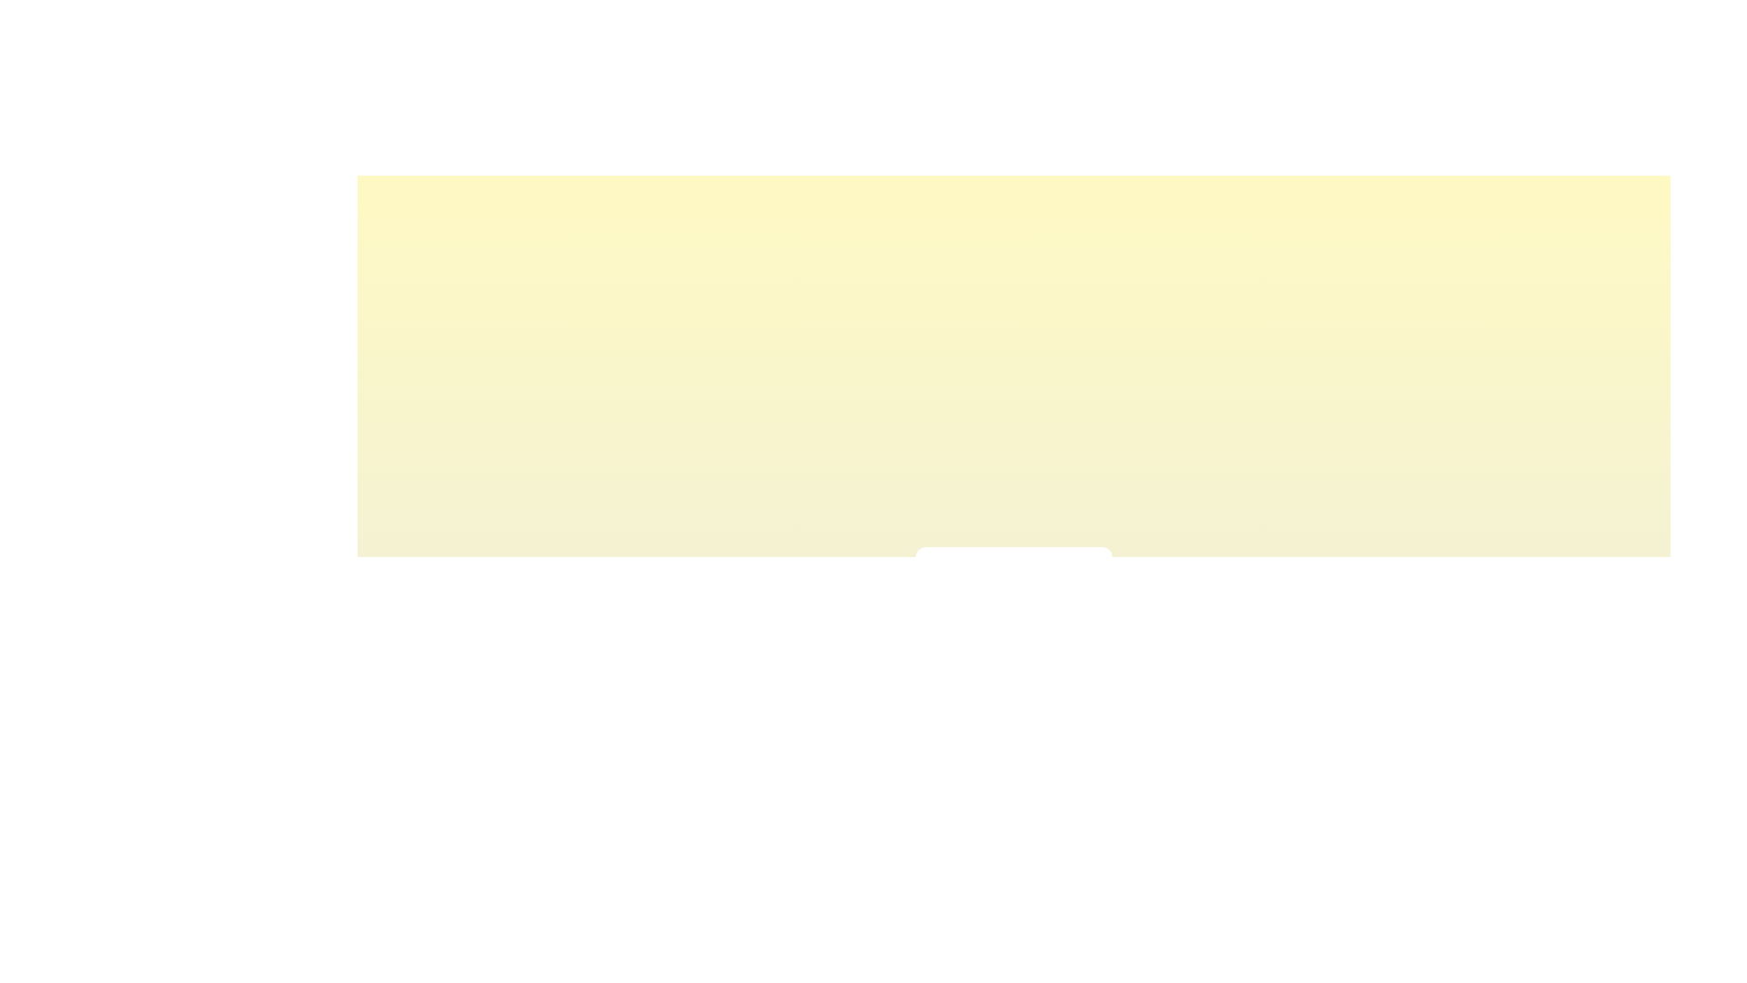 This screenshot has height=983, width=1747. I want to click on the light intensity to 95% by dragging the slider, so click(1083, 615).